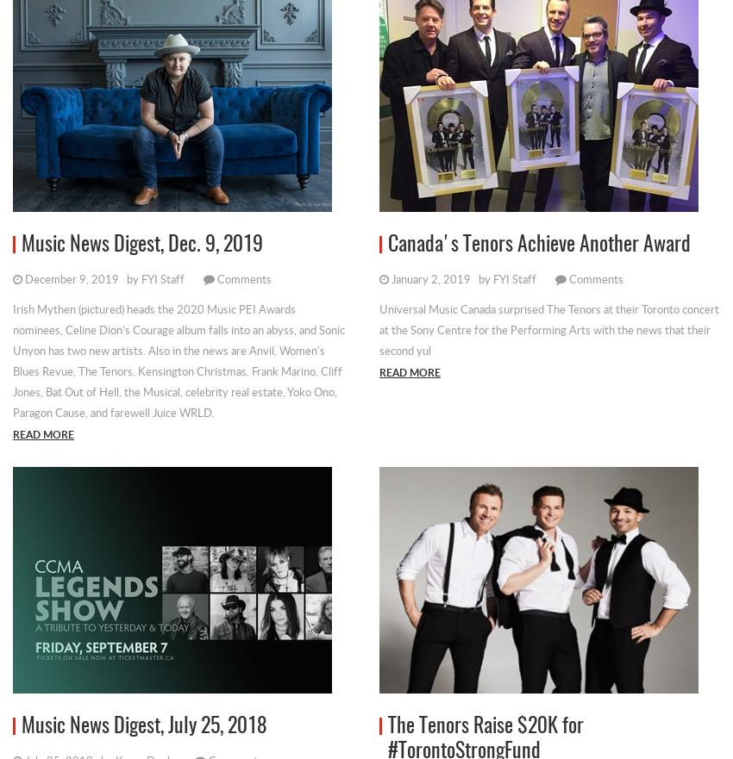 The width and height of the screenshot is (733, 759). Describe the element at coordinates (144, 725) in the screenshot. I see `'Music News Digest, July 25, 2018'` at that location.